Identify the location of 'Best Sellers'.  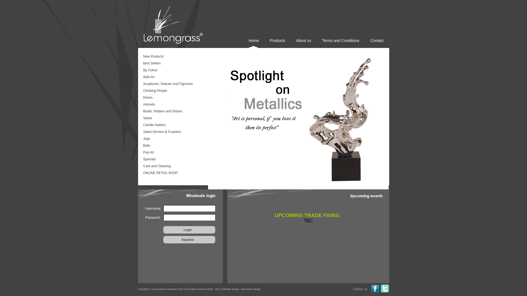
(172, 63).